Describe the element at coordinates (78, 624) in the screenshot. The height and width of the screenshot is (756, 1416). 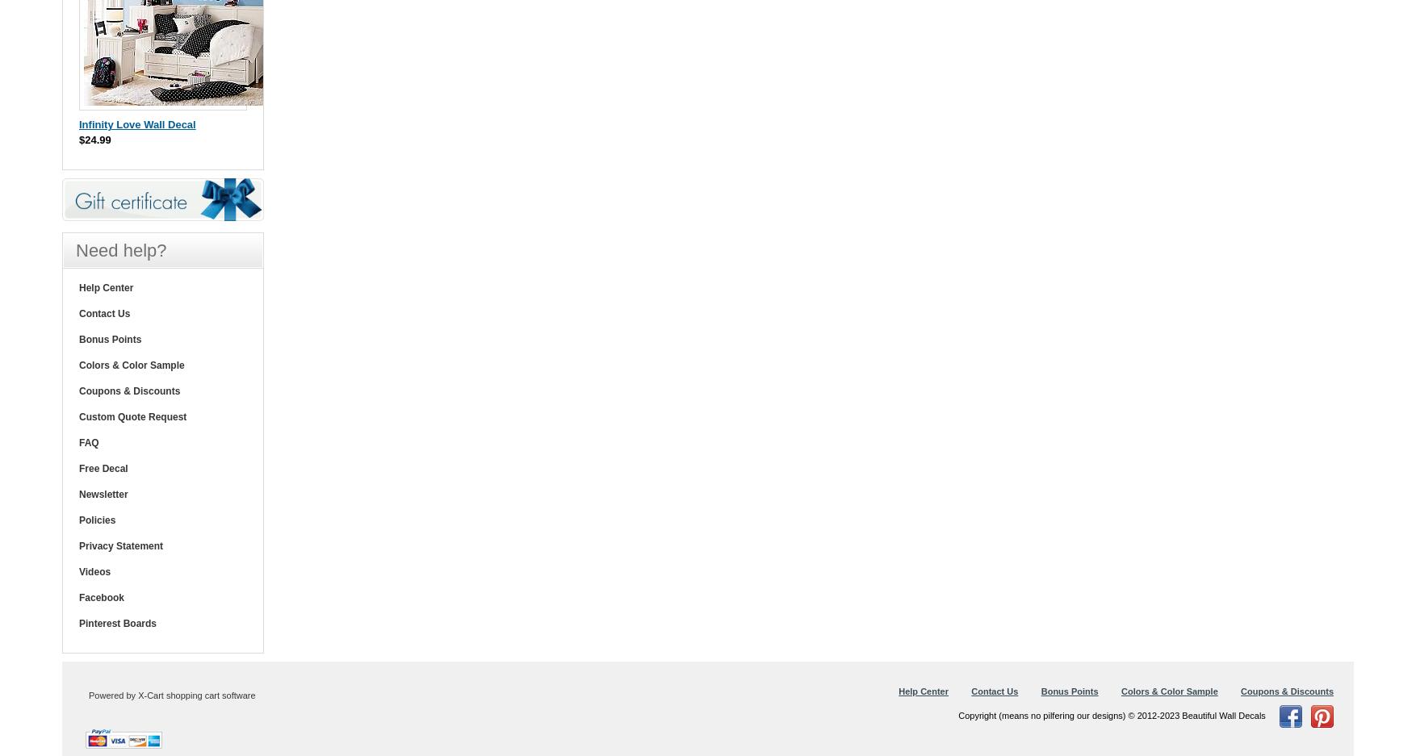
I see `'Pinterest Boards'` at that location.